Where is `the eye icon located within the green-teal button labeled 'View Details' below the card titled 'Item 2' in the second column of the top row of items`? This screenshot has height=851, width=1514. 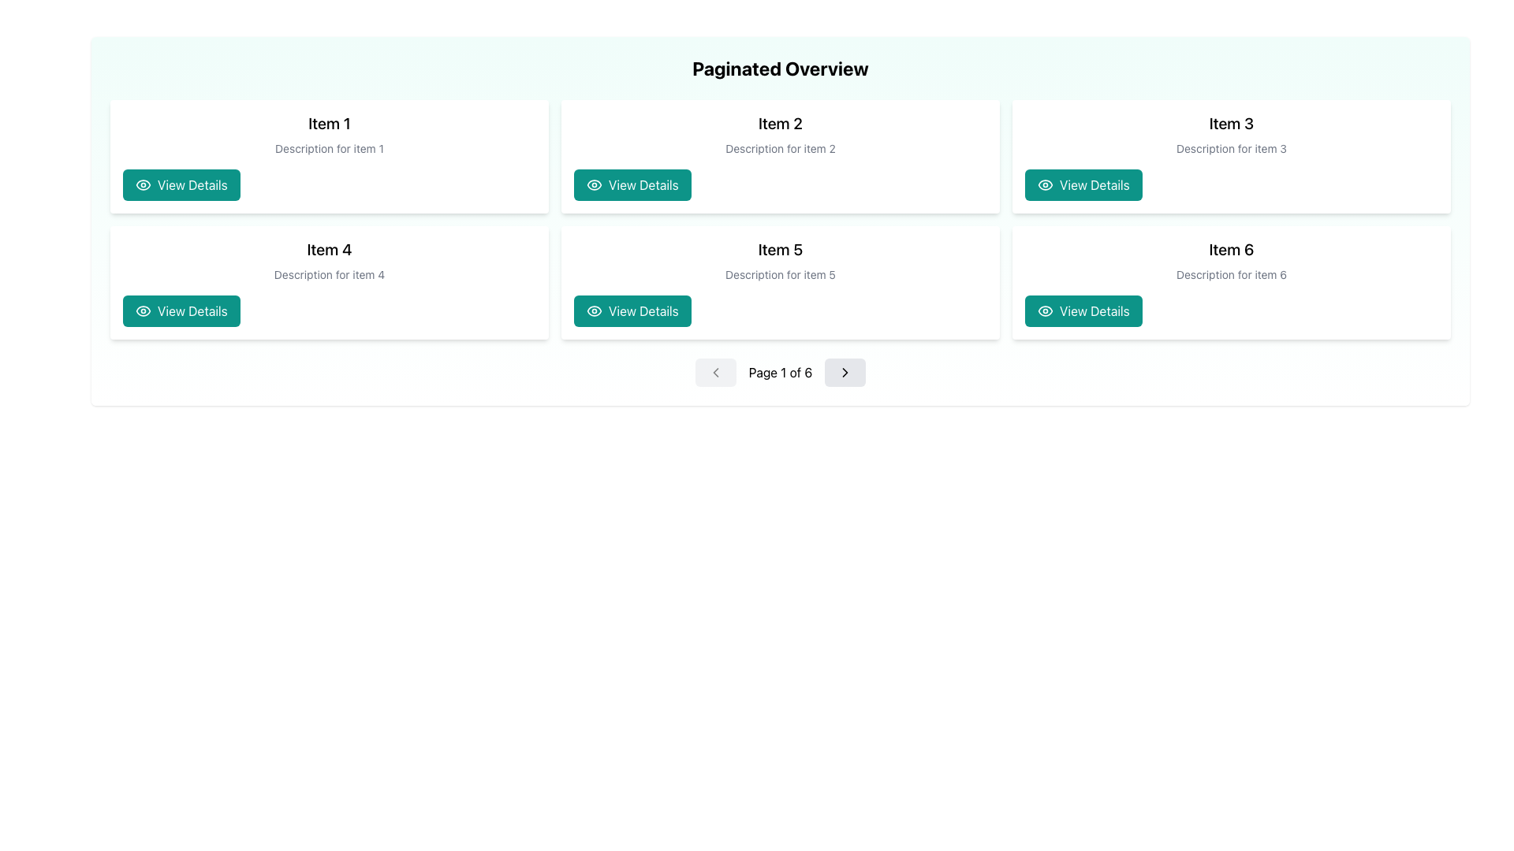
the eye icon located within the green-teal button labeled 'View Details' below the card titled 'Item 2' in the second column of the top row of items is located at coordinates (593, 184).